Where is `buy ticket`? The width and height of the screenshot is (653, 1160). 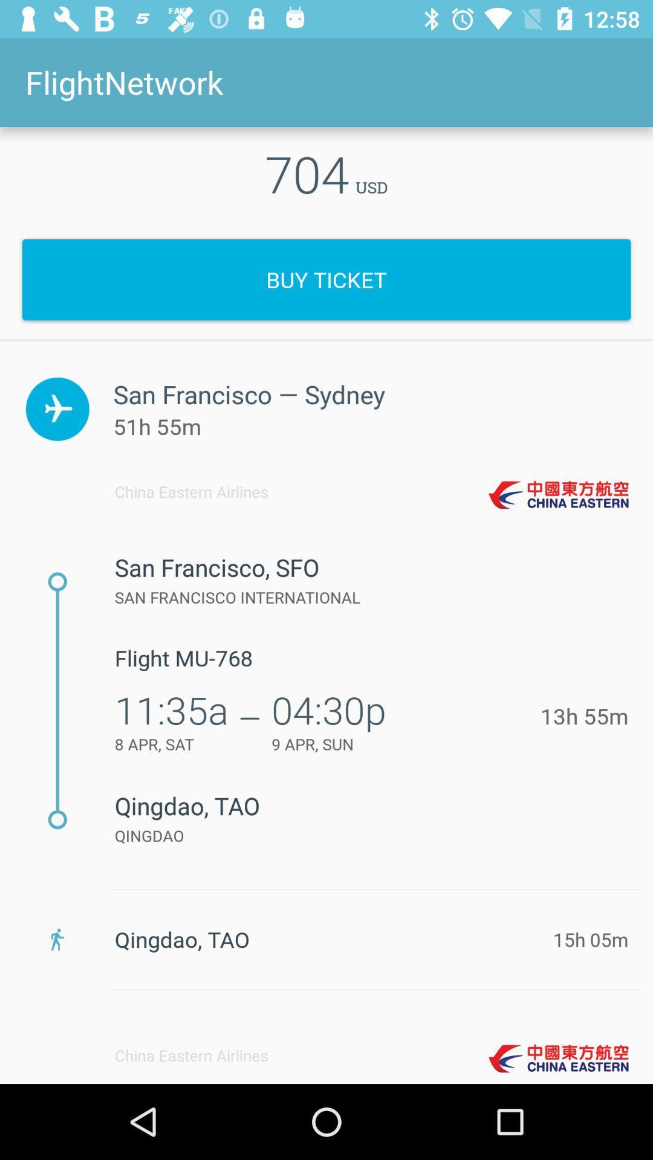 buy ticket is located at coordinates (326, 279).